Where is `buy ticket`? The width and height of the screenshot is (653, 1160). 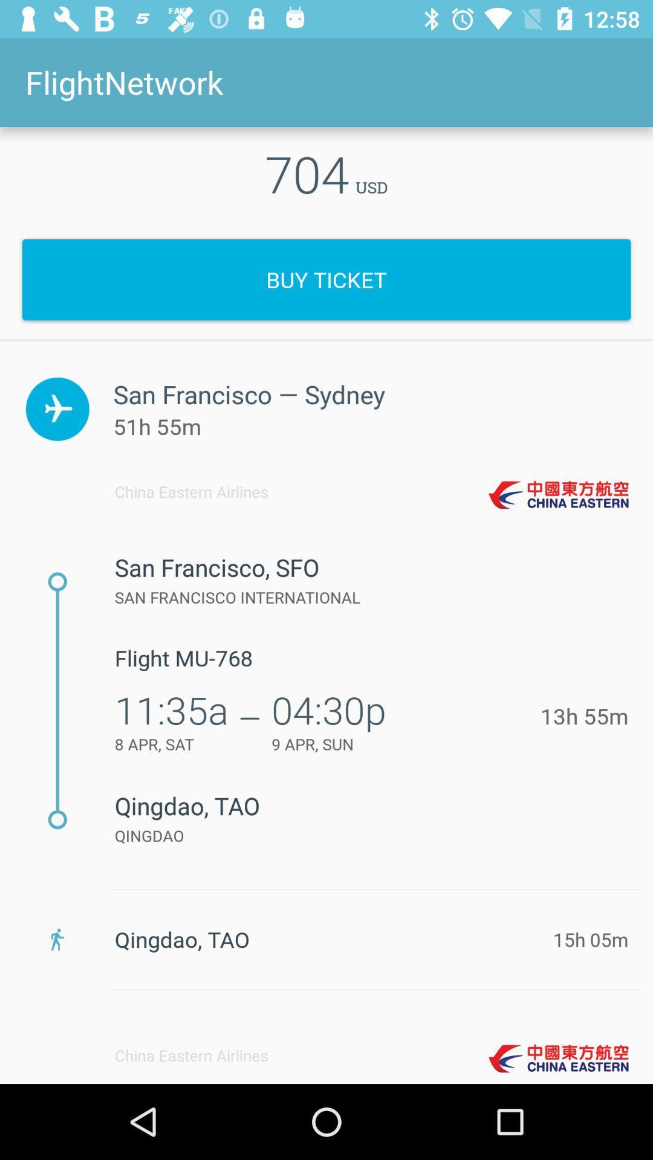 buy ticket is located at coordinates (326, 279).